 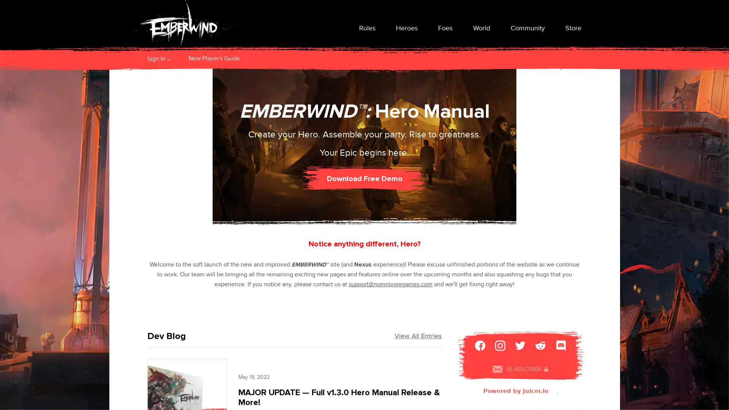 I want to click on Sign In, so click(x=156, y=58).